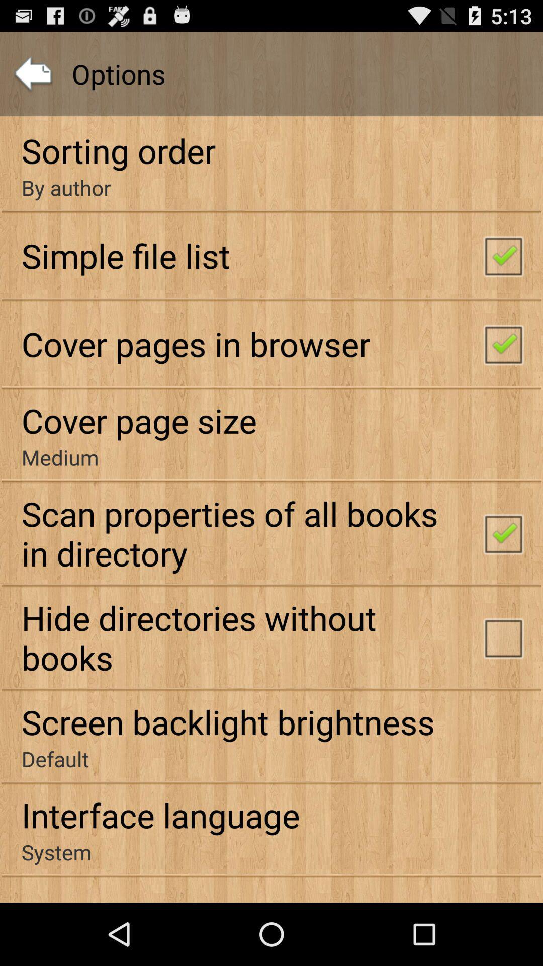  Describe the element at coordinates (32, 73) in the screenshot. I see `app to the left of options` at that location.